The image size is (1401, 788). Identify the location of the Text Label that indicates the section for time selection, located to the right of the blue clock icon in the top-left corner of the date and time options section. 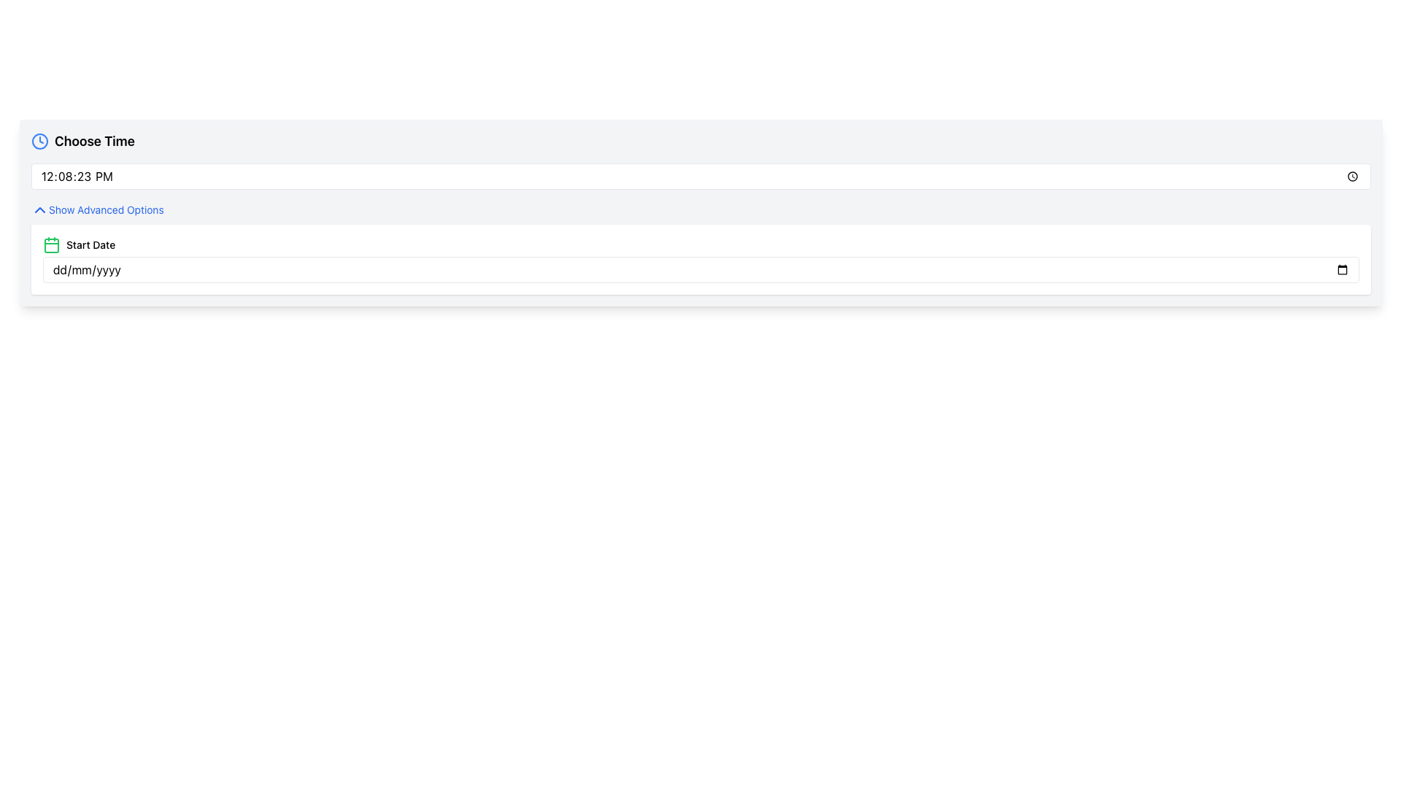
(93, 141).